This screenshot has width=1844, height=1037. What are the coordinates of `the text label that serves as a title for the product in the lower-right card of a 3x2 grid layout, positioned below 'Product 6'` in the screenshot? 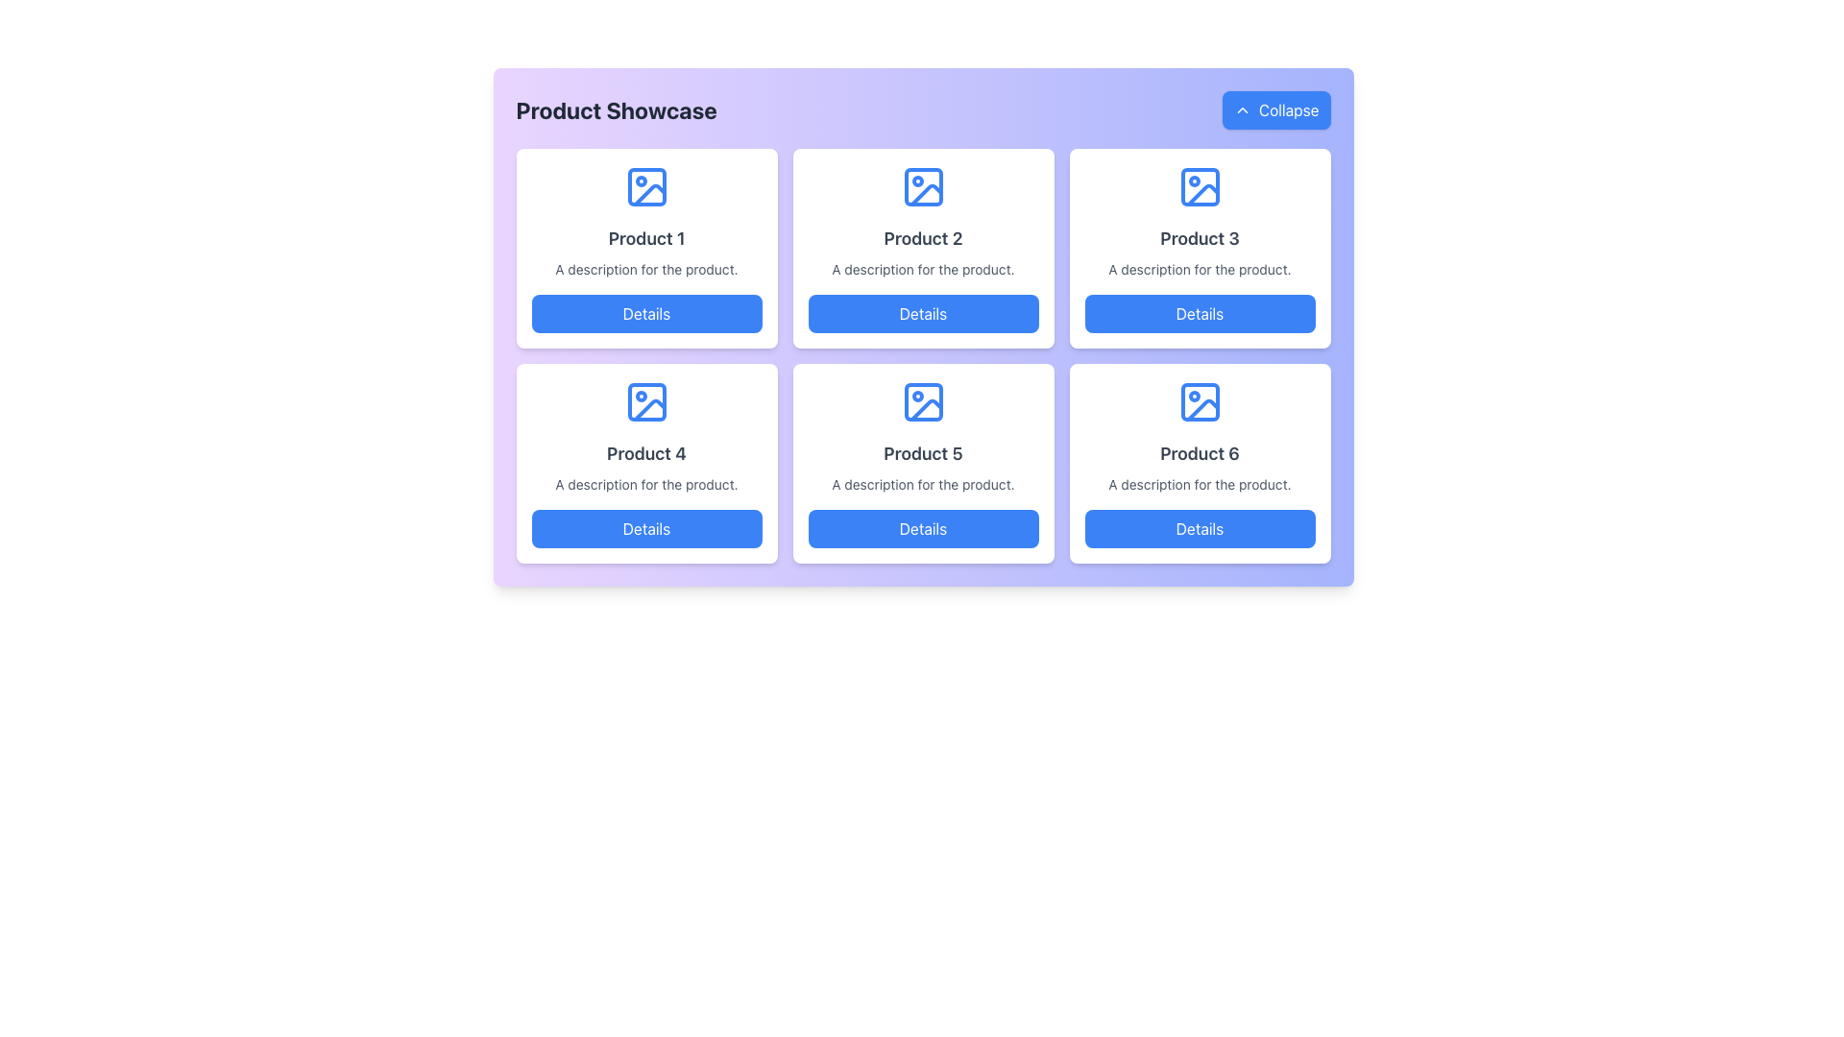 It's located at (1199, 454).